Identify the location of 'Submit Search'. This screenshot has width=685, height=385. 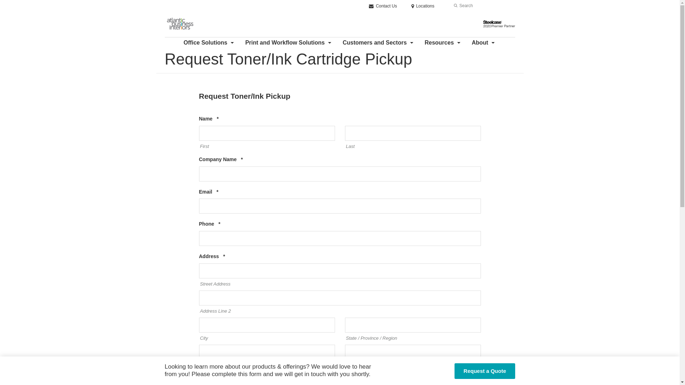
(455, 5).